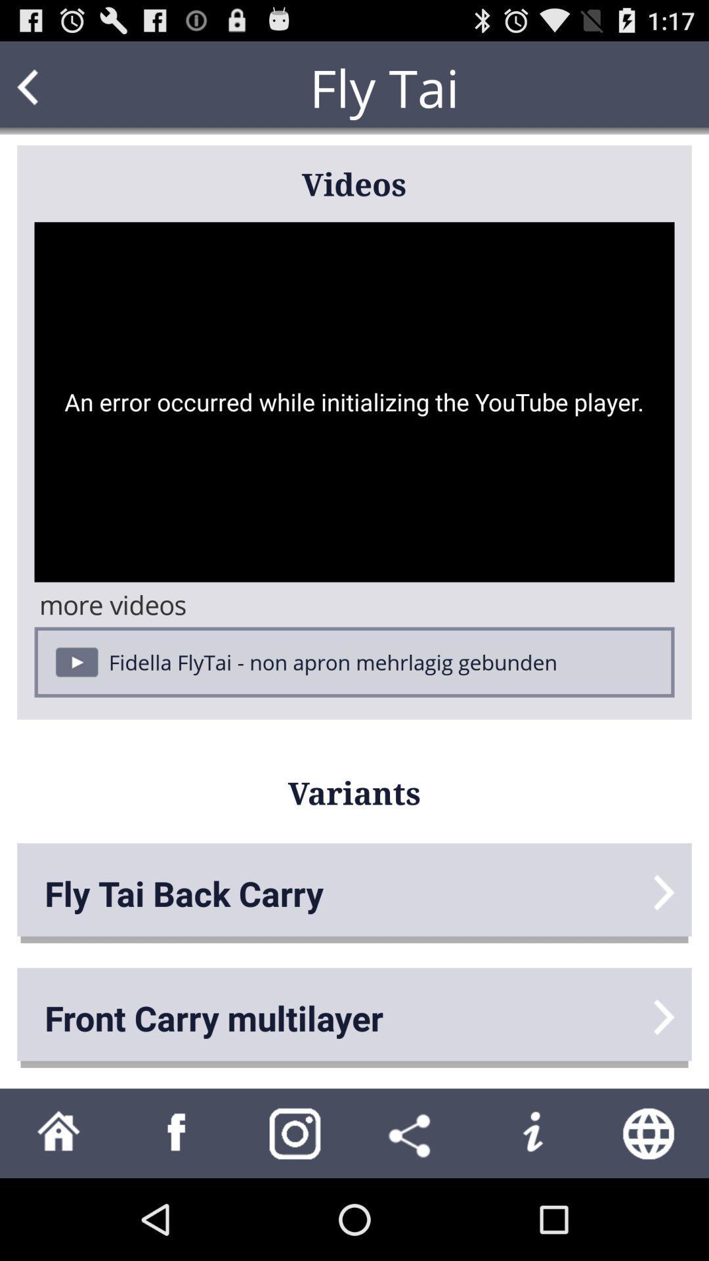  What do you see at coordinates (295, 1132) in the screenshot?
I see `take screen shot` at bounding box center [295, 1132].